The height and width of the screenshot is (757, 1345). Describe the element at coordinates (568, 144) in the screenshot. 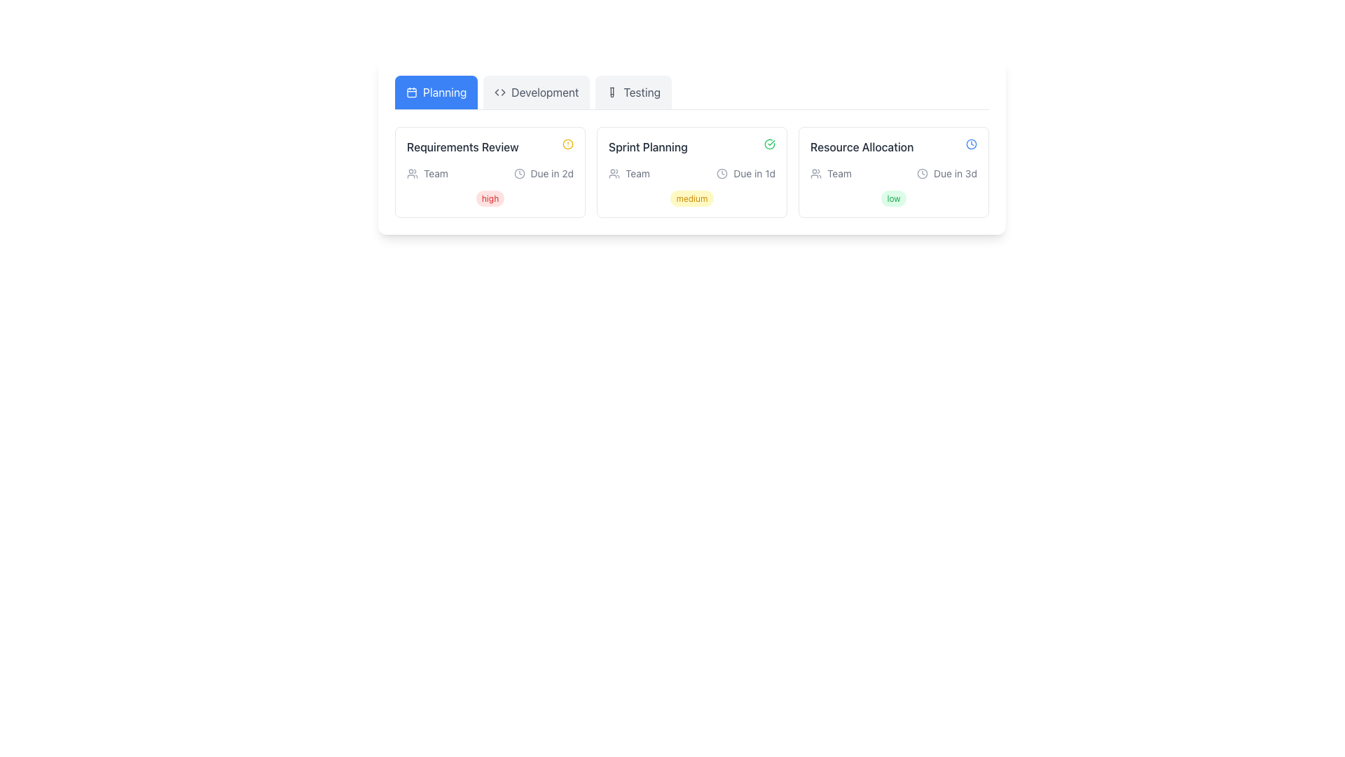

I see `the graphical indicator (circle) within the alert icon that indicates an issue related to the 'Requirements Review' task, located in the upper left region of the 'Planning' section` at that location.